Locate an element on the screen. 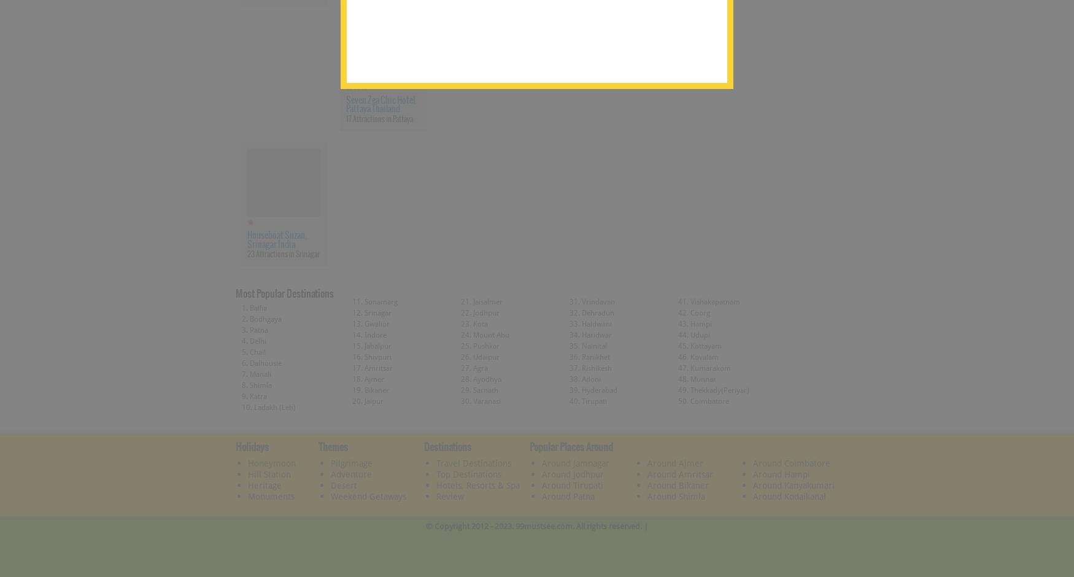 The image size is (1074, 577). 'Coorg' is located at coordinates (698, 312).